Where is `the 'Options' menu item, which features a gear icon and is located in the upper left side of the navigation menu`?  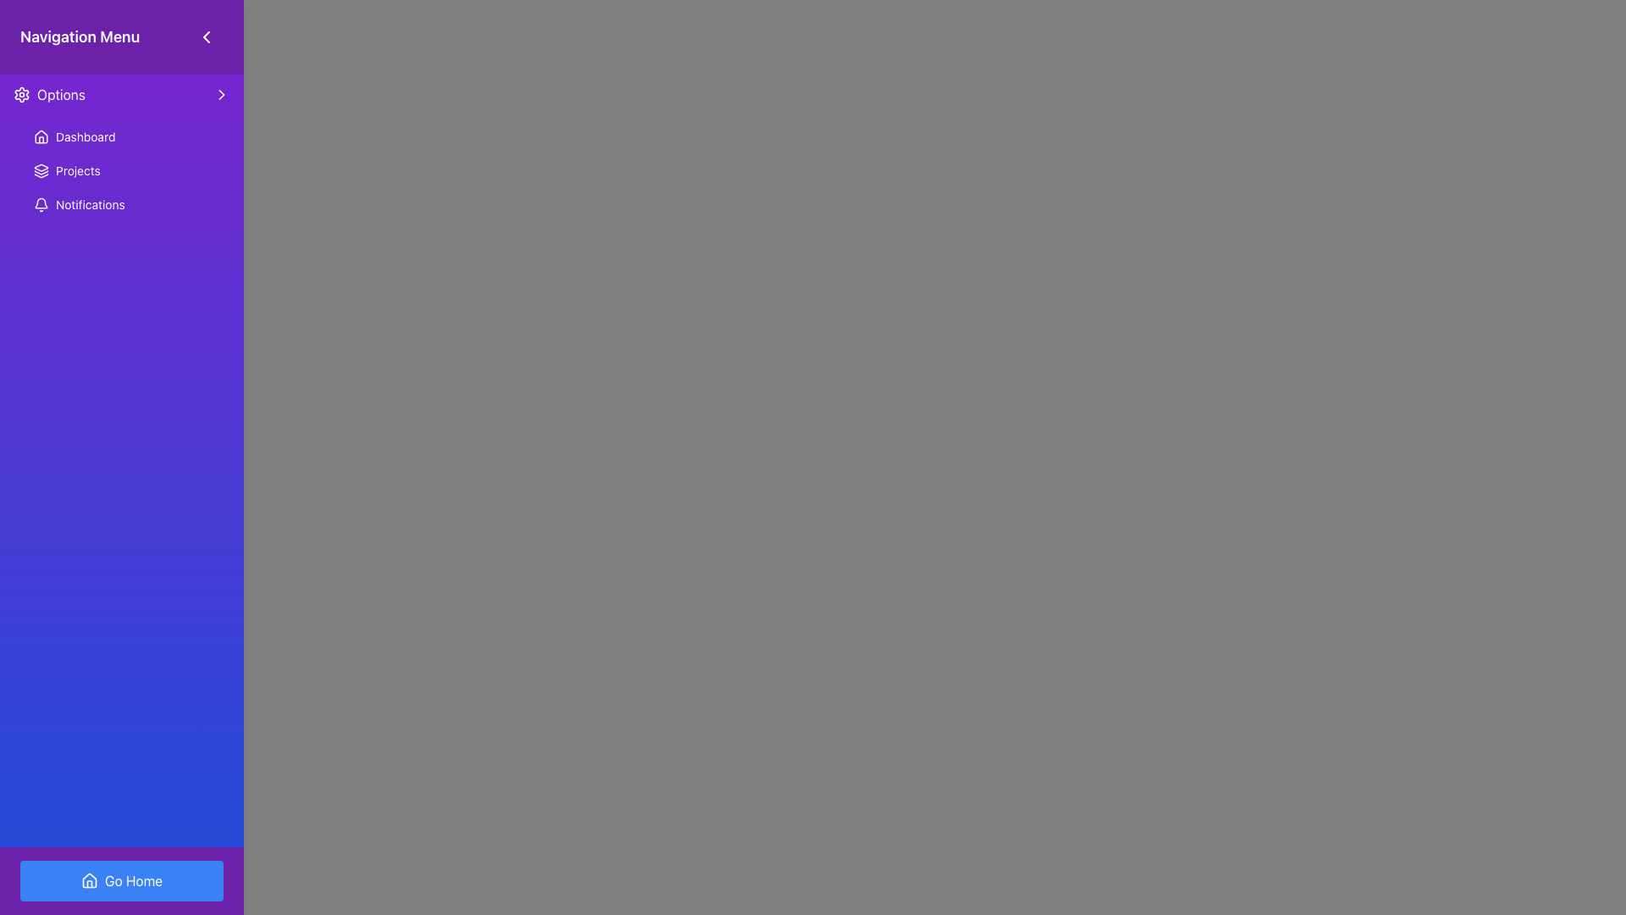
the 'Options' menu item, which features a gear icon and is located in the upper left side of the navigation menu is located at coordinates (48, 94).